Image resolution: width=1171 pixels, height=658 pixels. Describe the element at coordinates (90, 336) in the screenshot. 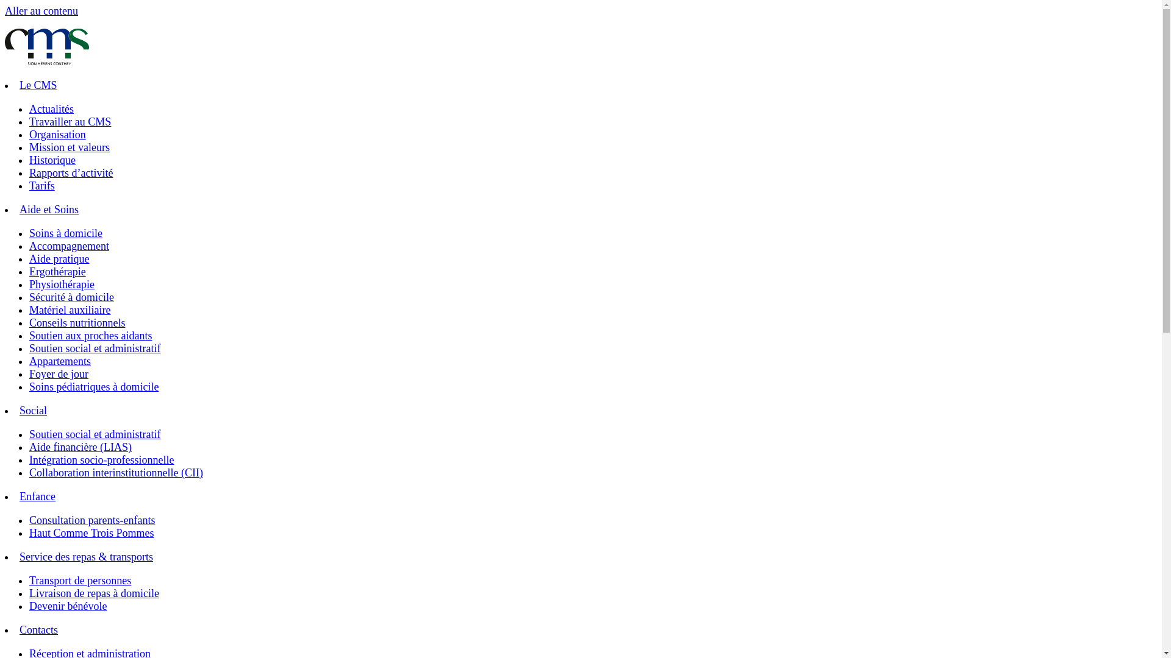

I see `'Soutien aux proches aidants'` at that location.